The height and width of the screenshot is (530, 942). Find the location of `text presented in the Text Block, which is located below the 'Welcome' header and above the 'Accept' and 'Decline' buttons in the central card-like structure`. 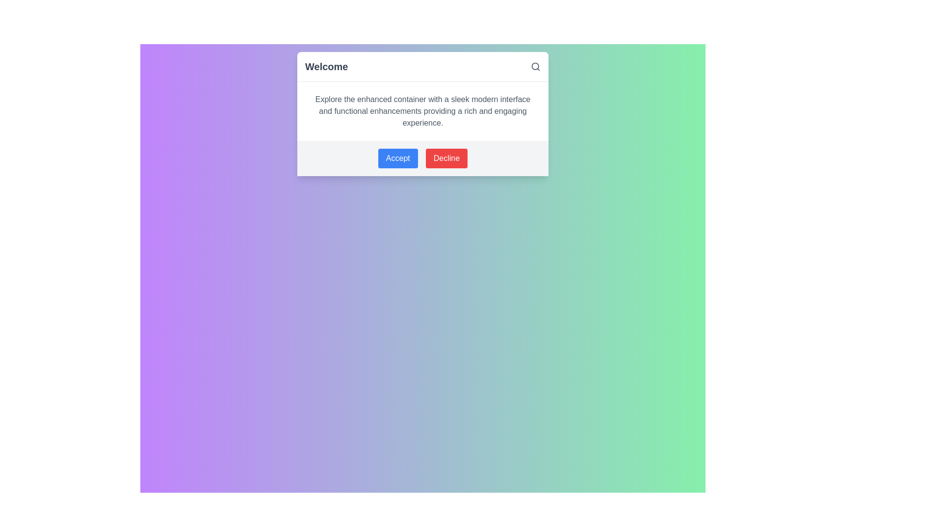

text presented in the Text Block, which is located below the 'Welcome' header and above the 'Accept' and 'Decline' buttons in the central card-like structure is located at coordinates (423, 111).